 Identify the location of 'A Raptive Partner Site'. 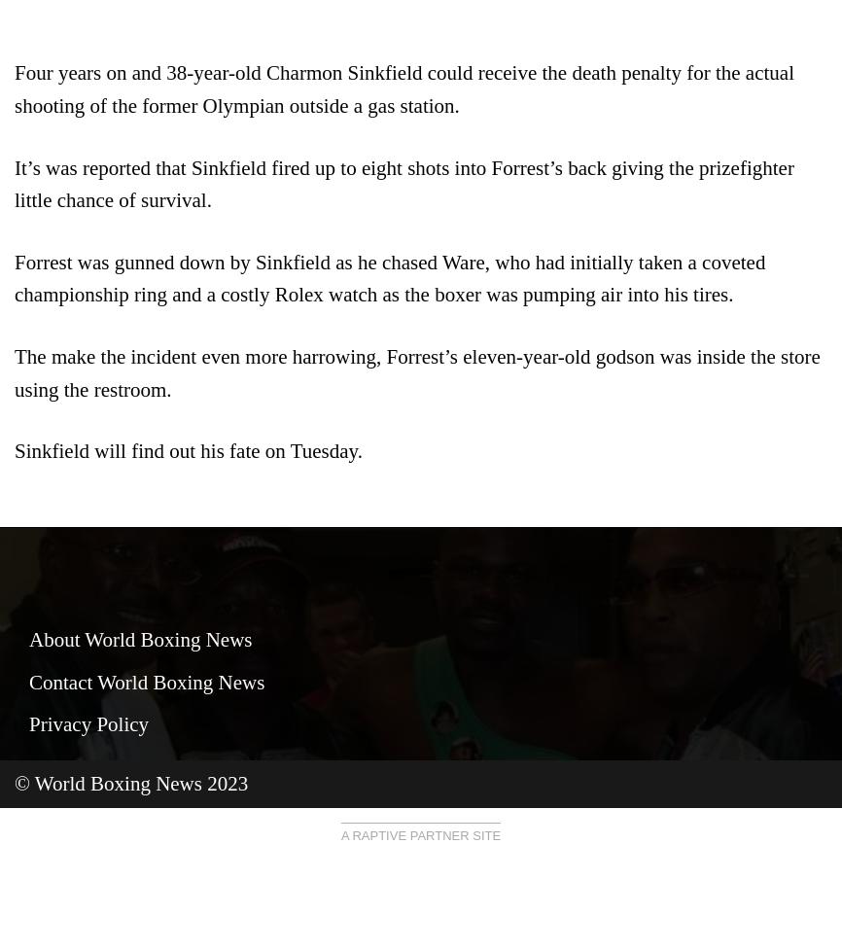
(419, 834).